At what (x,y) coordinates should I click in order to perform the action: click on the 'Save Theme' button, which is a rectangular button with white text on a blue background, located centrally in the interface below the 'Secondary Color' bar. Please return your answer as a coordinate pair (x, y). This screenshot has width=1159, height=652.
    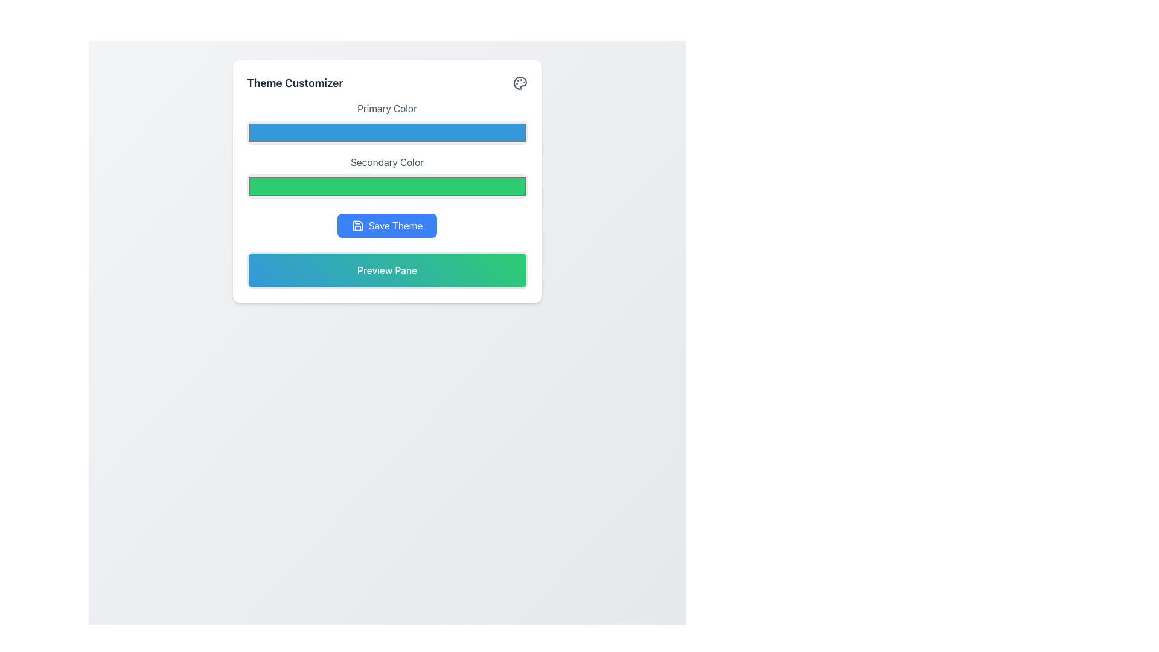
    Looking at the image, I should click on (387, 226).